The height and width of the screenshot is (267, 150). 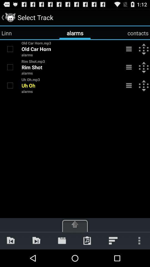 What do you see at coordinates (10, 17) in the screenshot?
I see `the emoji at the top left corner` at bounding box center [10, 17].